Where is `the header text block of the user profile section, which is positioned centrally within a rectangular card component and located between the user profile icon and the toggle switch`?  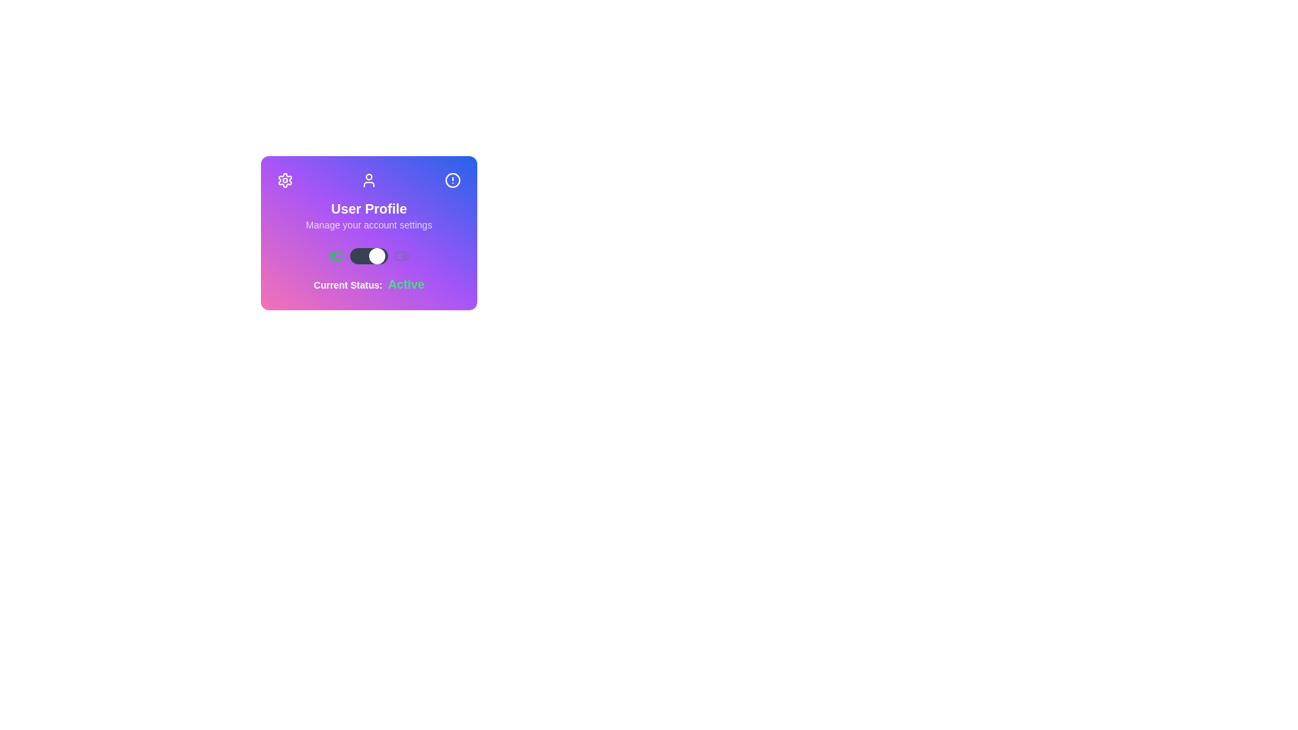
the header text block of the user profile section, which is positioned centrally within a rectangular card component and located between the user profile icon and the toggle switch is located at coordinates (369, 215).